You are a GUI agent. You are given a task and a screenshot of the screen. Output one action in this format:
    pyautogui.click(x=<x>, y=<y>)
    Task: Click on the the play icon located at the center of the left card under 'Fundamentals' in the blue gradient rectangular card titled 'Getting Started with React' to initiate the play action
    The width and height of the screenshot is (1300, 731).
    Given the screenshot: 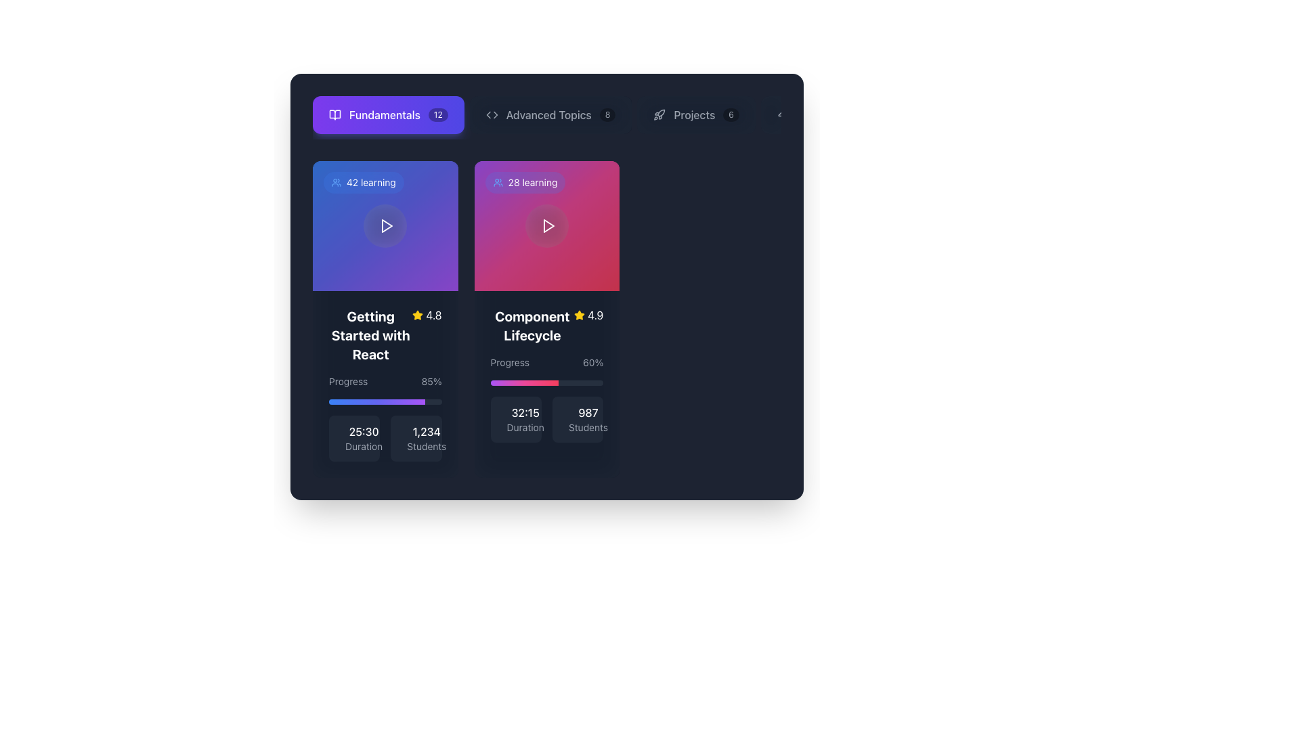 What is the action you would take?
    pyautogui.click(x=387, y=225)
    